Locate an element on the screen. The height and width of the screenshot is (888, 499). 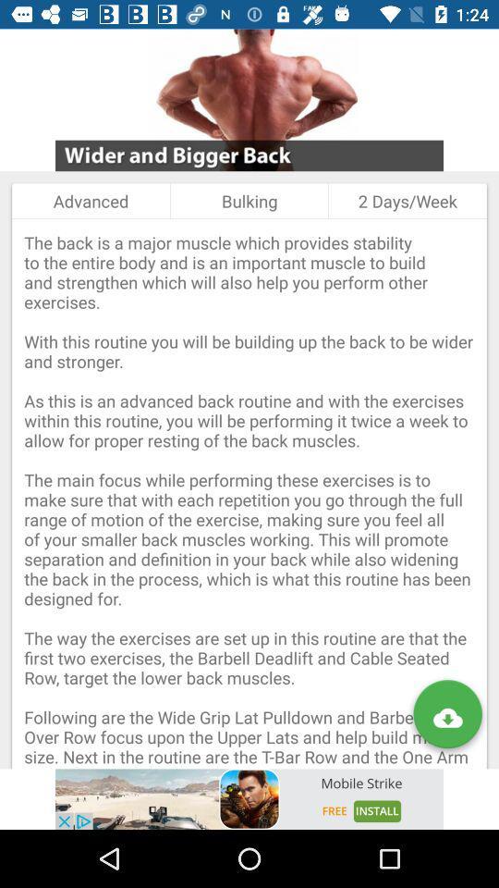
download the app is located at coordinates (446, 717).